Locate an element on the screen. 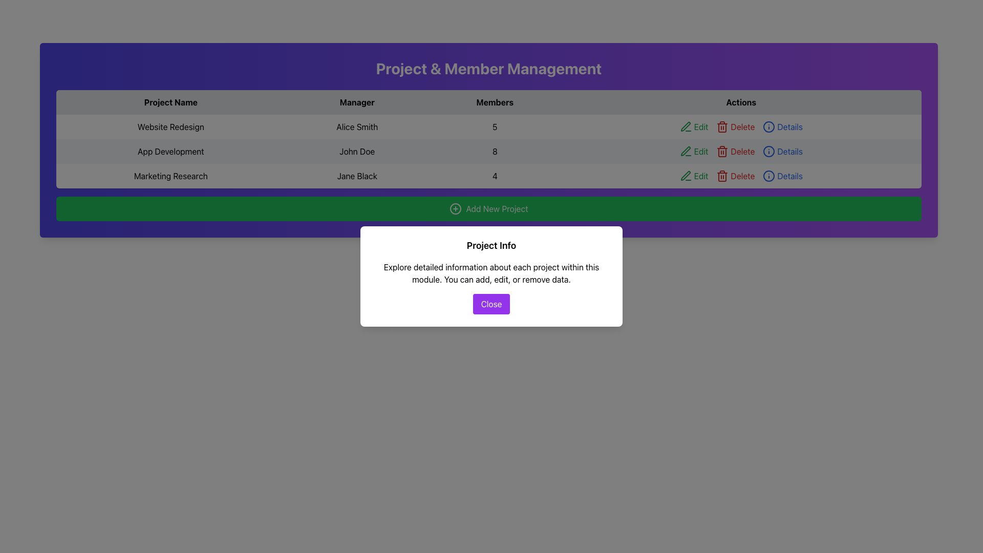 The image size is (983, 553). the 'Delete' button, which is a red button with a trash bin icon, positioned between the 'Edit' and 'Details' buttons in the 'Actions' column of the table, to observe its style change is located at coordinates (735, 126).